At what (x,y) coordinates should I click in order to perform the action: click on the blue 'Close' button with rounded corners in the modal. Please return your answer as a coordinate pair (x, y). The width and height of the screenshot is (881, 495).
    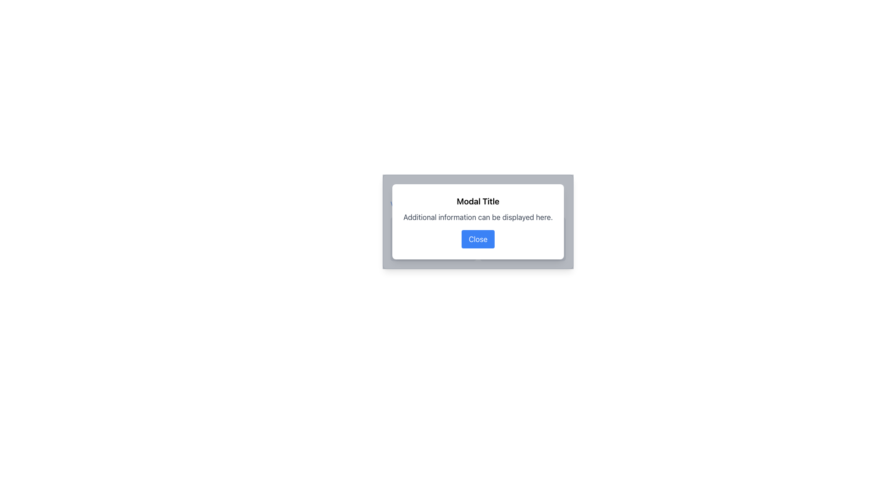
    Looking at the image, I should click on (477, 238).